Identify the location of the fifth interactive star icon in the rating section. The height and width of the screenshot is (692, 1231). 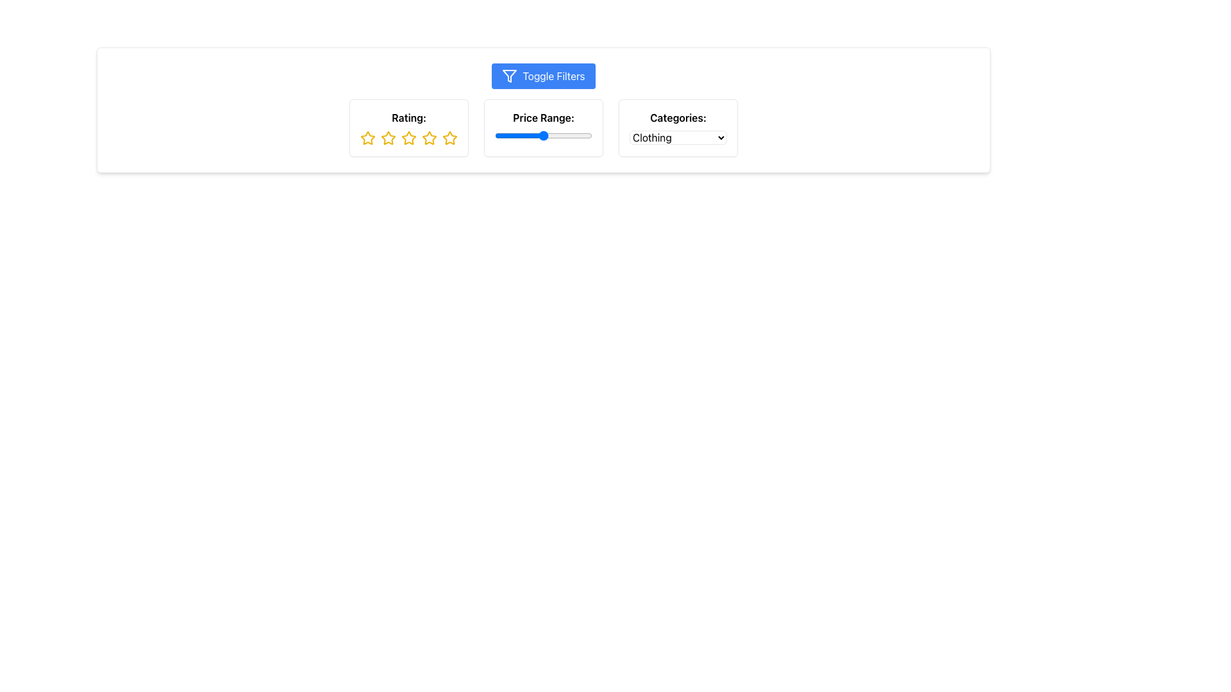
(449, 138).